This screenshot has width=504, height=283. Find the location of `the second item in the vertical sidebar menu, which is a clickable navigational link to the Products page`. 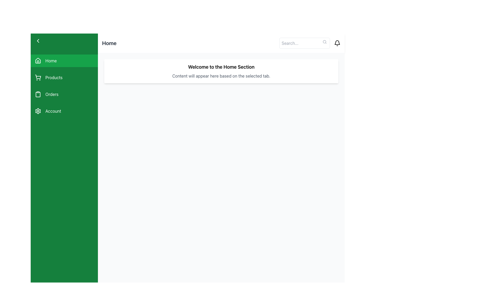

the second item in the vertical sidebar menu, which is a clickable navigational link to the Products page is located at coordinates (64, 78).